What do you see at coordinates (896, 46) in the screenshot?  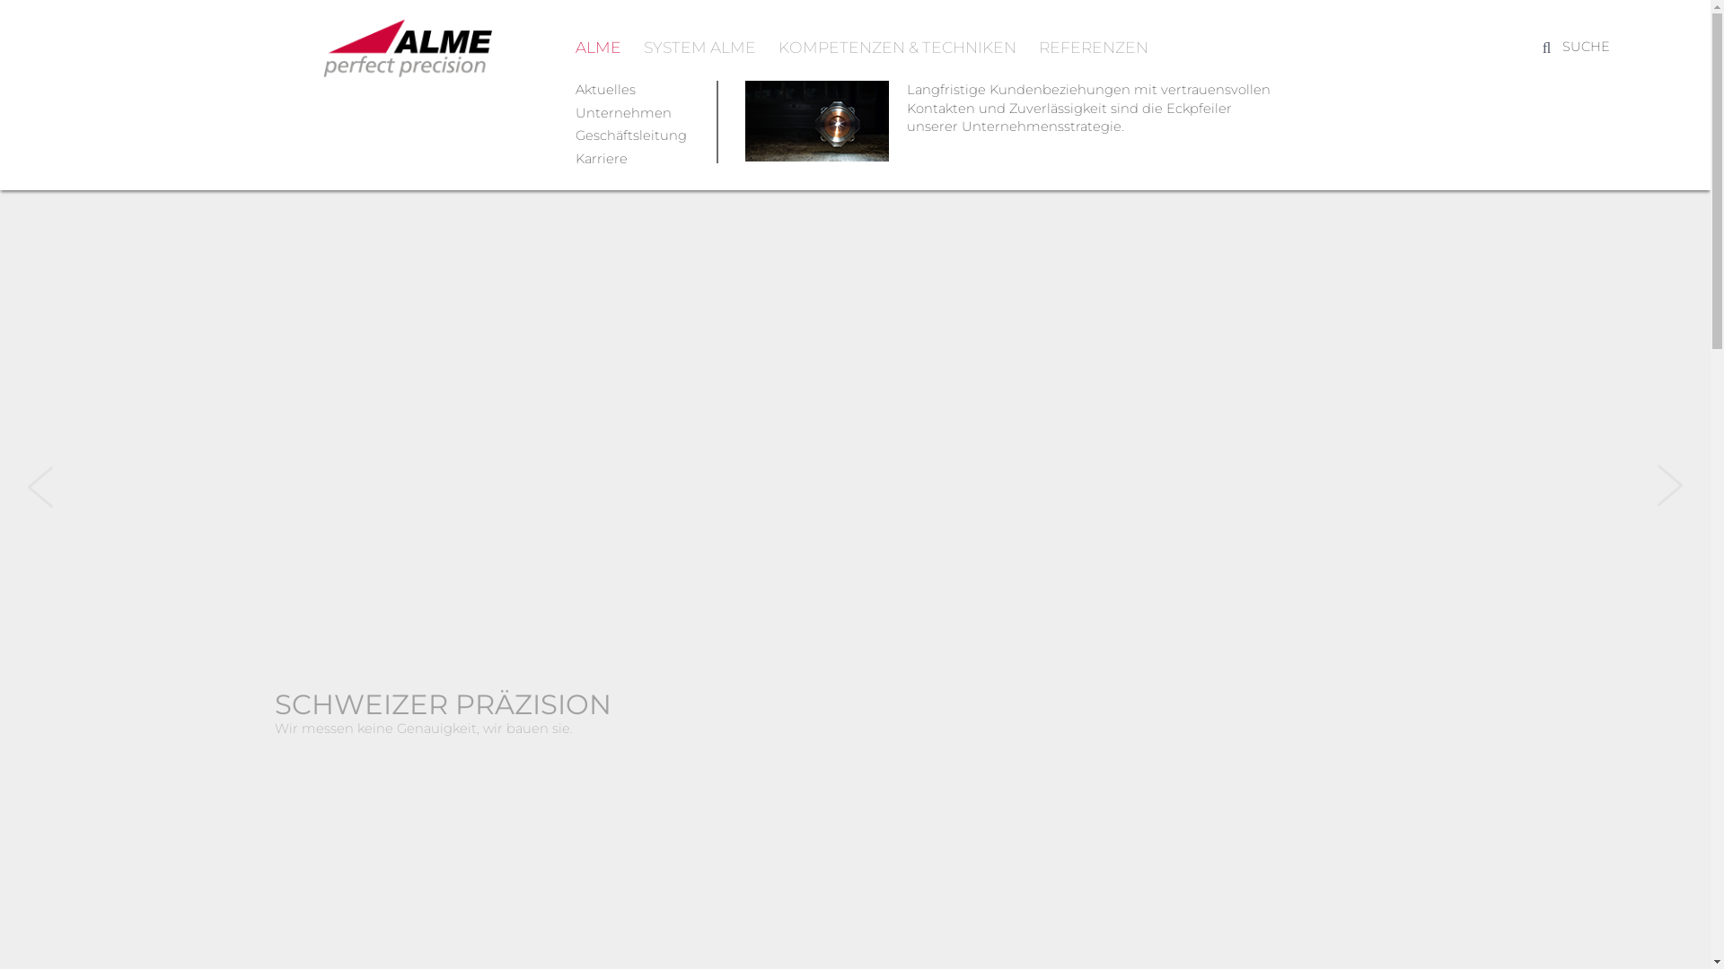 I see `'KOMPETENZEN & TECHNIKEN'` at bounding box center [896, 46].